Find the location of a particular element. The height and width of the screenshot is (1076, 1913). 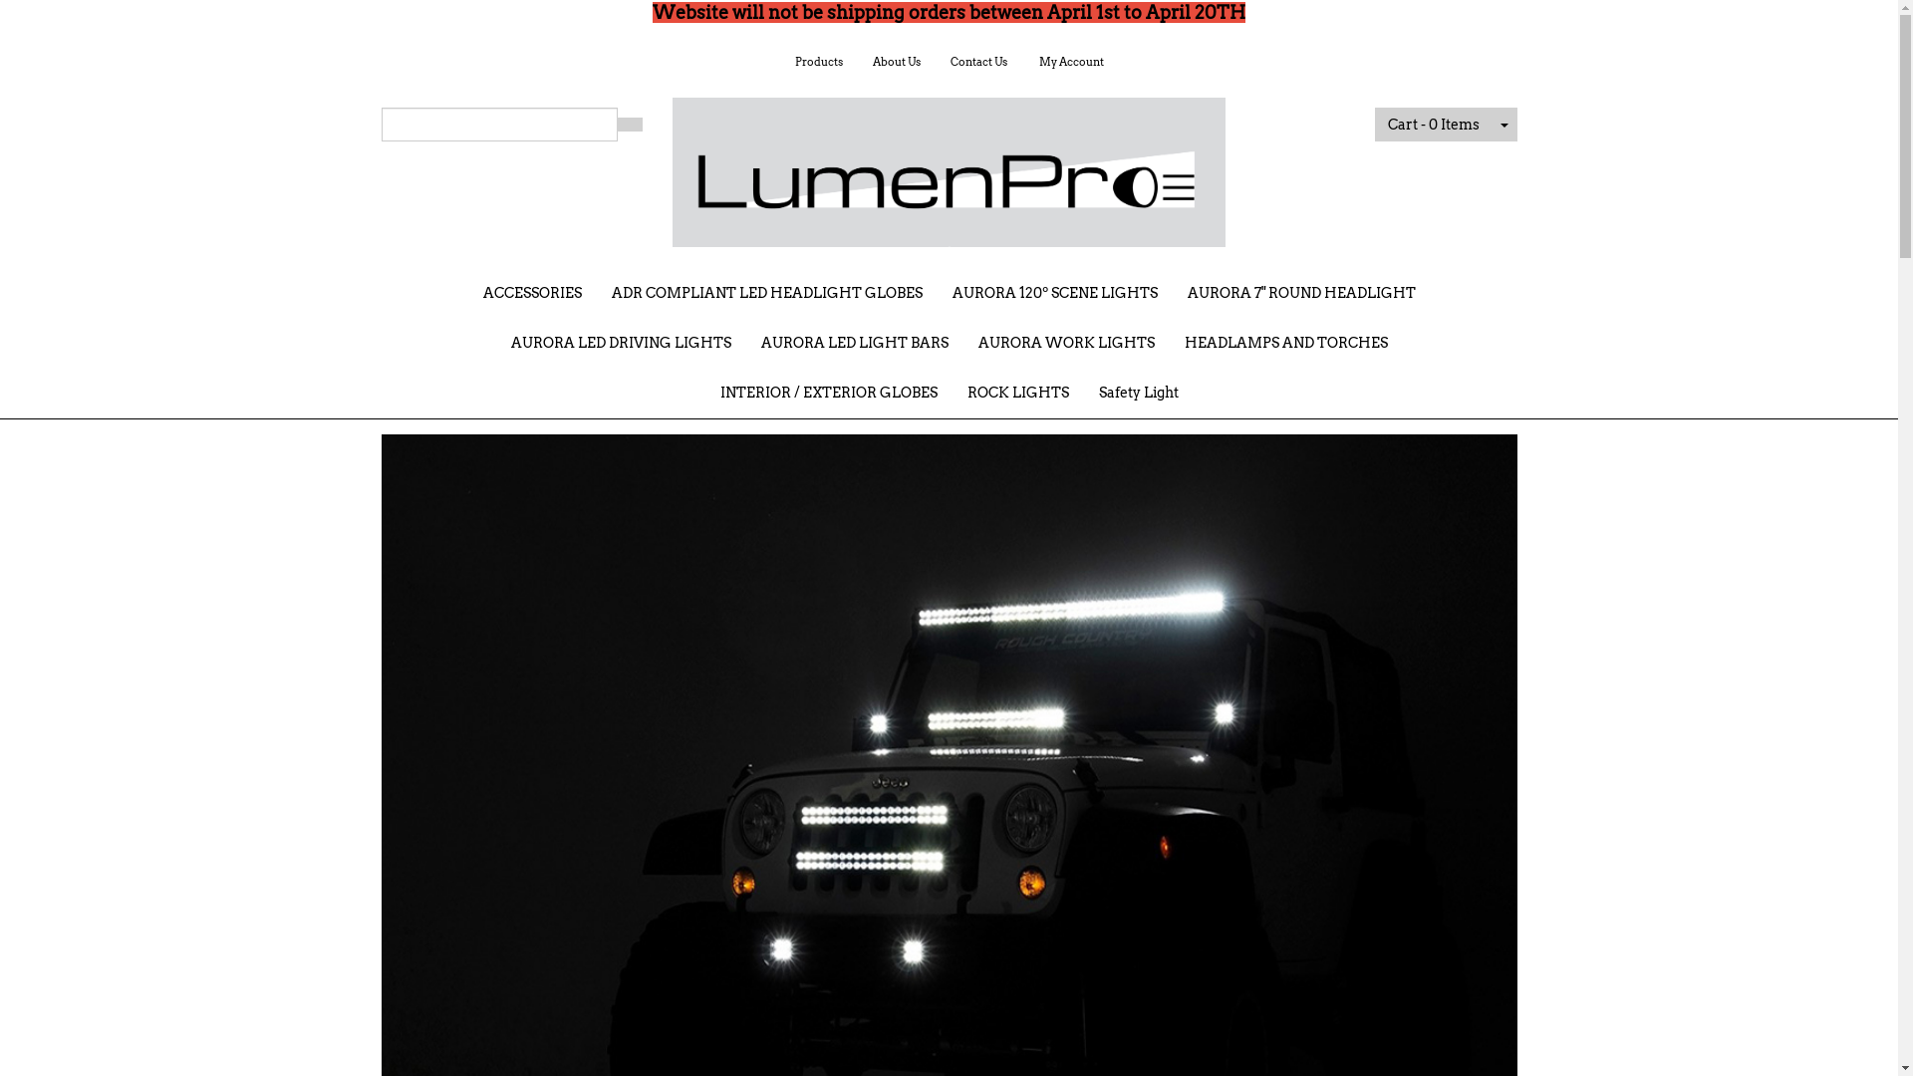

'My Account' is located at coordinates (1070, 60).